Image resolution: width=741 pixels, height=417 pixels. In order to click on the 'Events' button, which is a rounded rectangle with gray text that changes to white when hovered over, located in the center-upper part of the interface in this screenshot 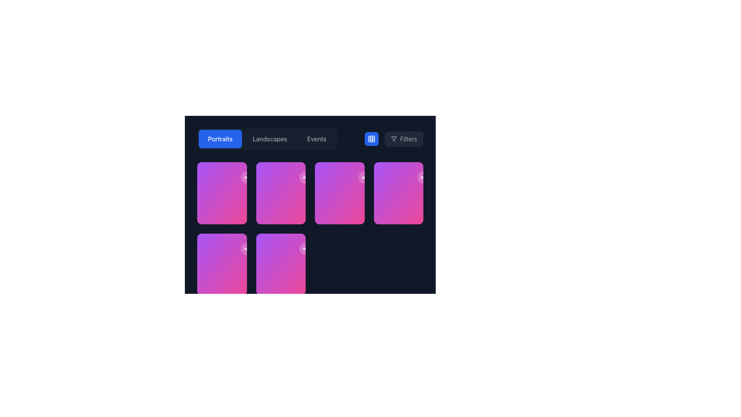, I will do `click(316, 138)`.